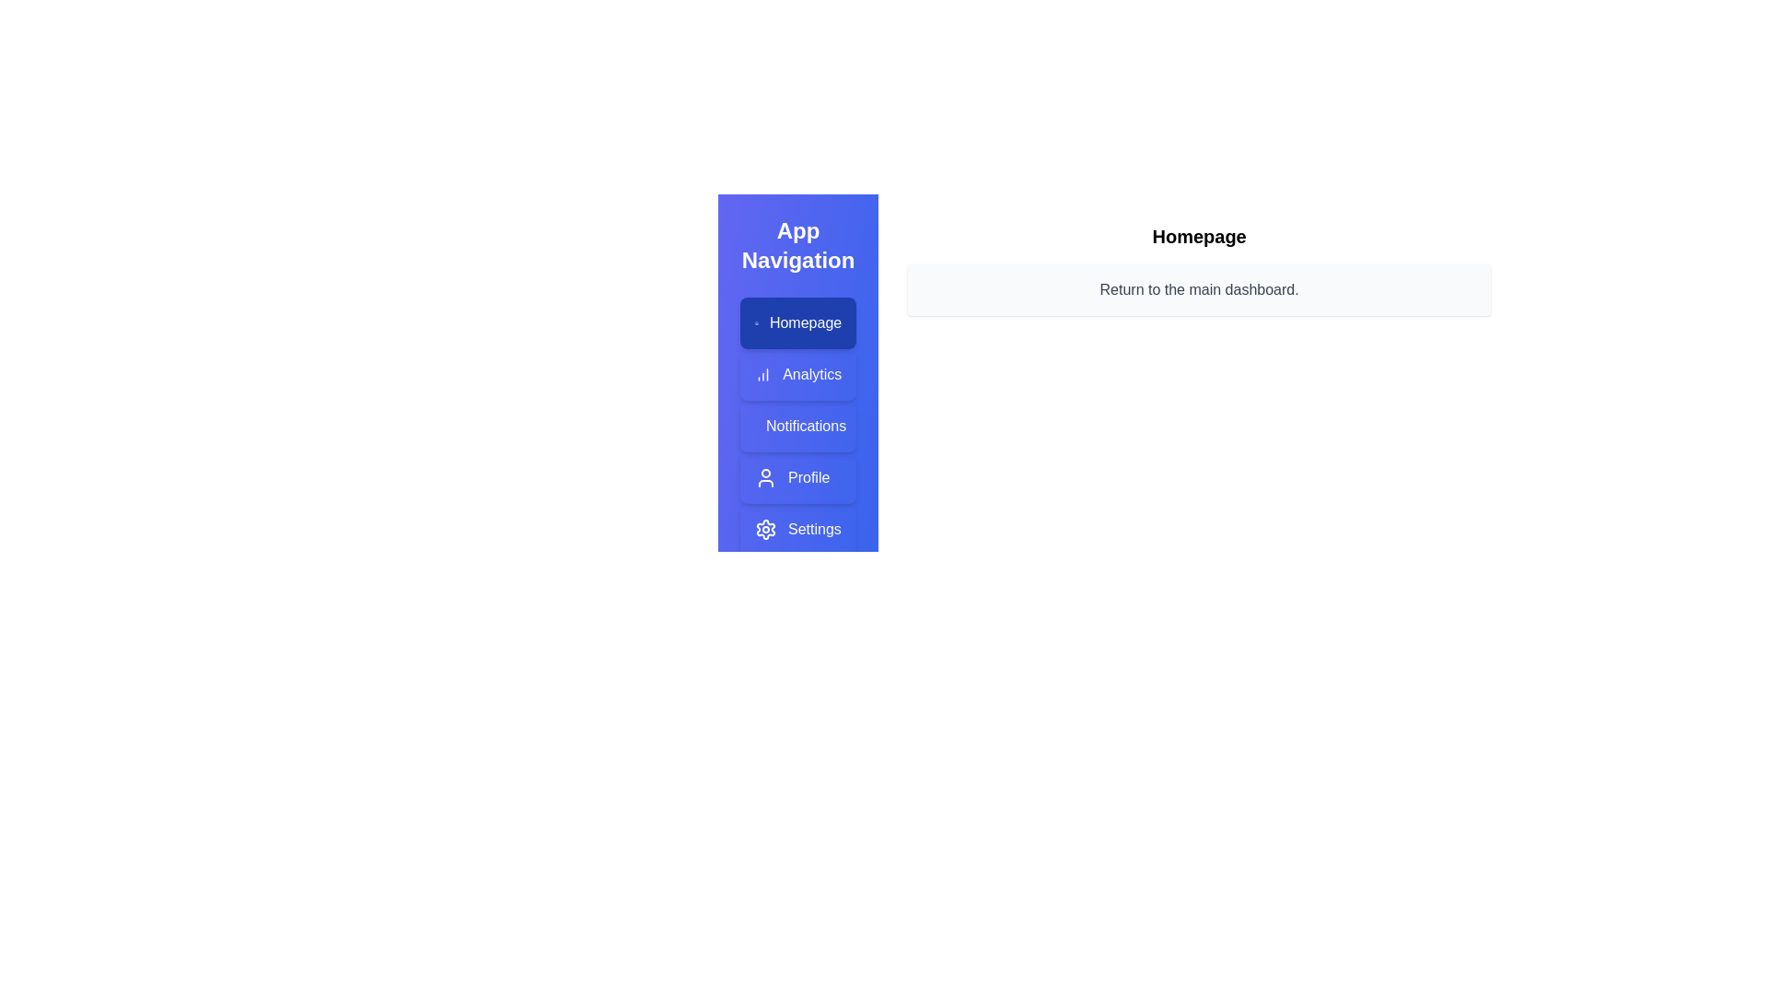 The height and width of the screenshot is (995, 1768). I want to click on the 'Analytics' icon located in the navigation menu under the 'Homepage' option, so click(763, 374).